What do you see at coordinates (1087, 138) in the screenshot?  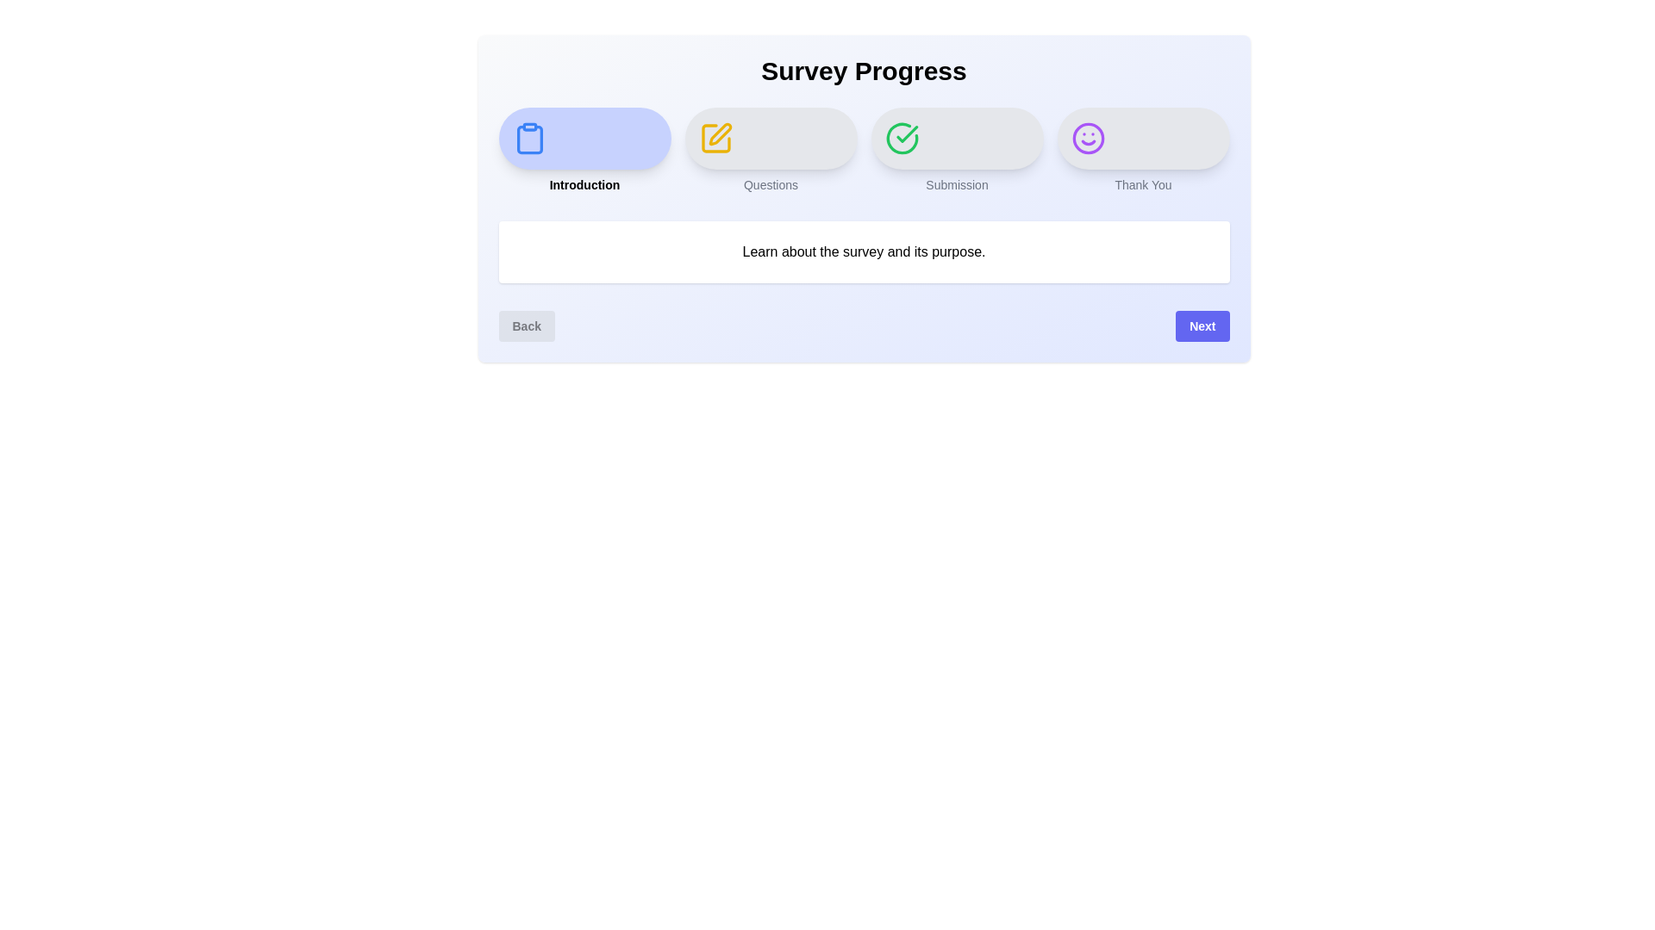 I see `the icon representing the Thank You step to inspect its appearance` at bounding box center [1087, 138].